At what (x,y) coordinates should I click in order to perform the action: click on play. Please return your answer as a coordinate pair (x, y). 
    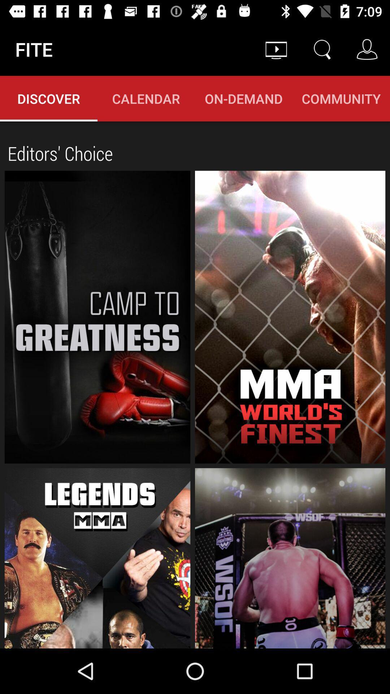
    Looking at the image, I should click on (97, 558).